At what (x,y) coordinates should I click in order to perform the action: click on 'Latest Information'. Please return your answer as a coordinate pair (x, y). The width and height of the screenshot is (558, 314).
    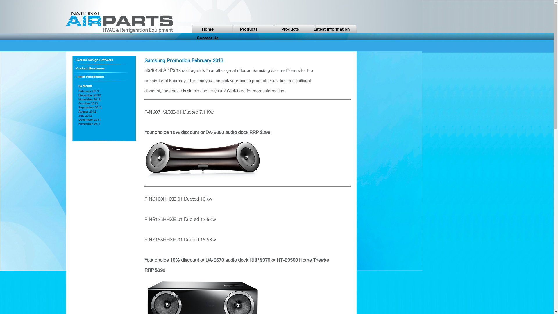
    Looking at the image, I should click on (104, 76).